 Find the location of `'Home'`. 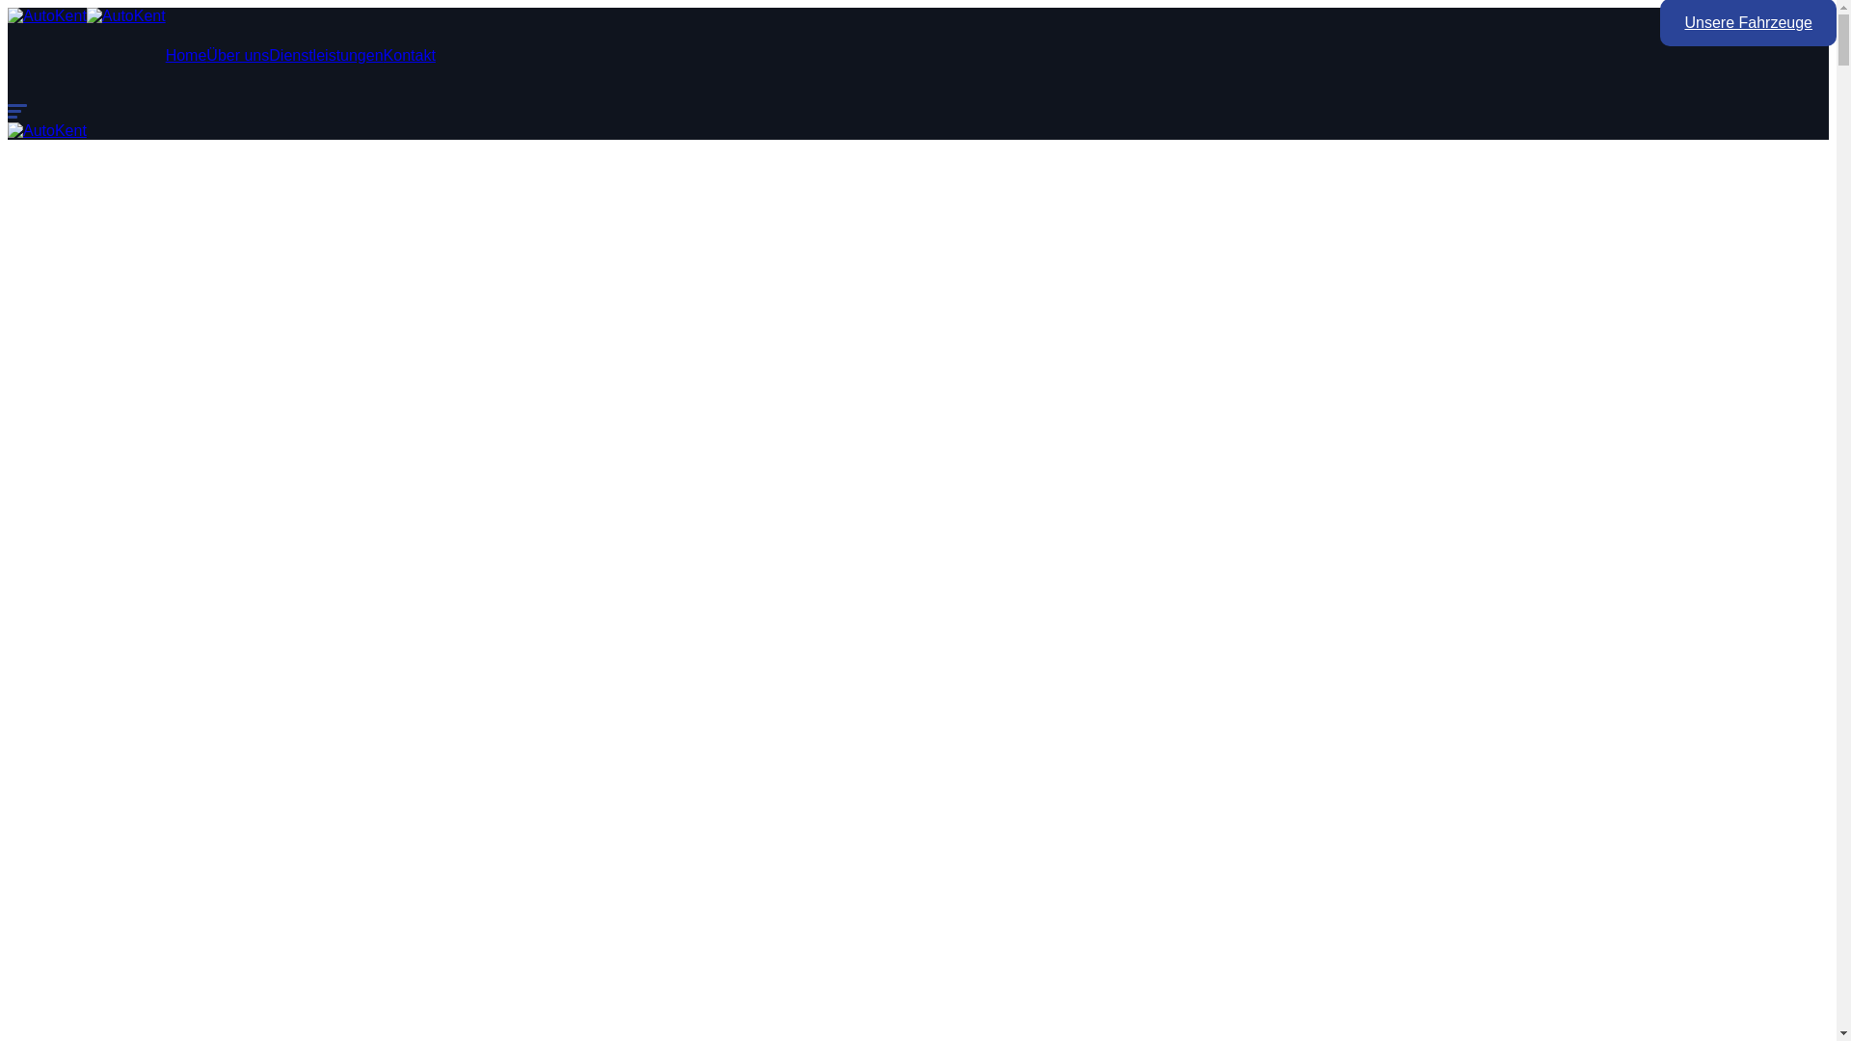

'Home' is located at coordinates (186, 54).